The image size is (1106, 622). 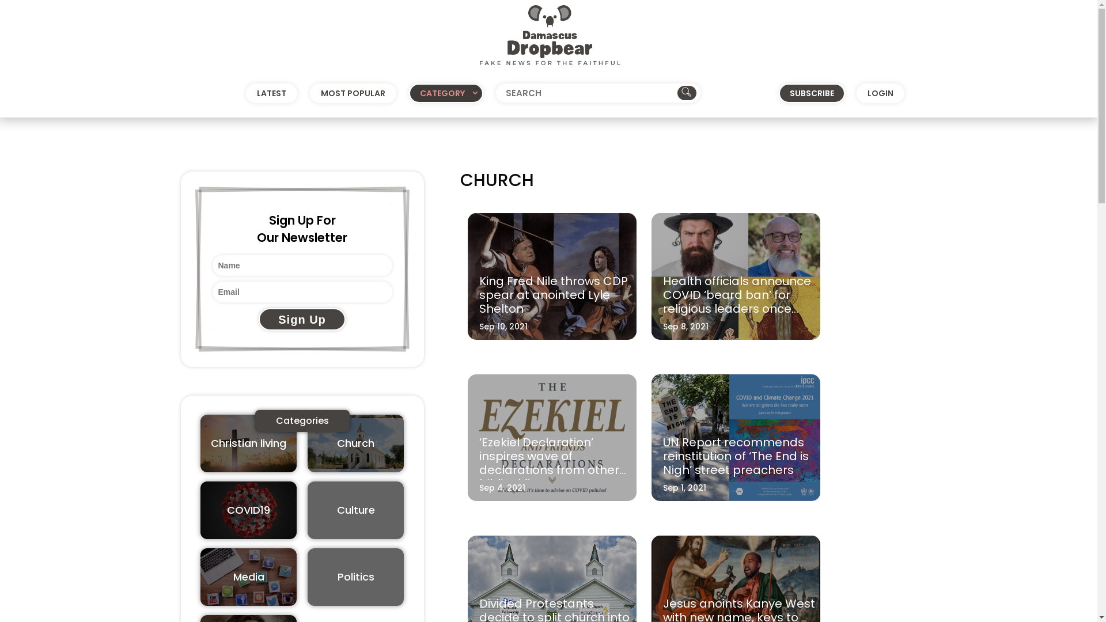 What do you see at coordinates (353, 93) in the screenshot?
I see `'MOST POPULAR'` at bounding box center [353, 93].